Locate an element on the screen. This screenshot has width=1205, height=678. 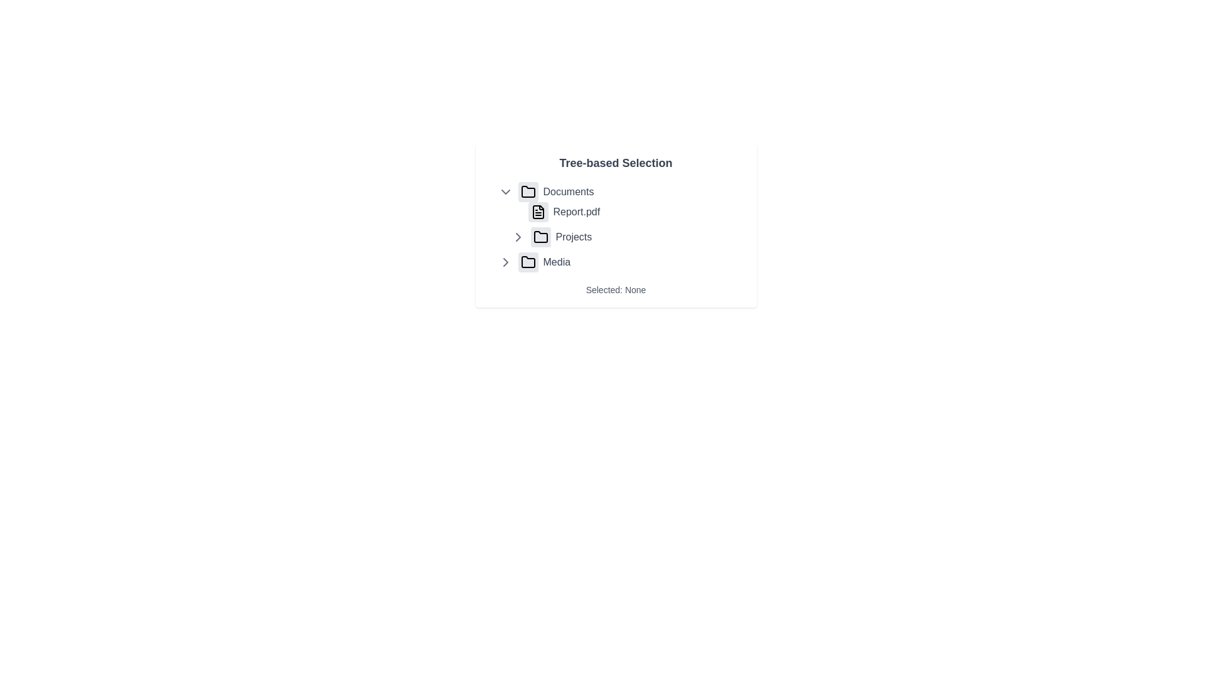
the third button in the row, located between a left-pointing arrow icon and a 'Media' label is located at coordinates (528, 261).